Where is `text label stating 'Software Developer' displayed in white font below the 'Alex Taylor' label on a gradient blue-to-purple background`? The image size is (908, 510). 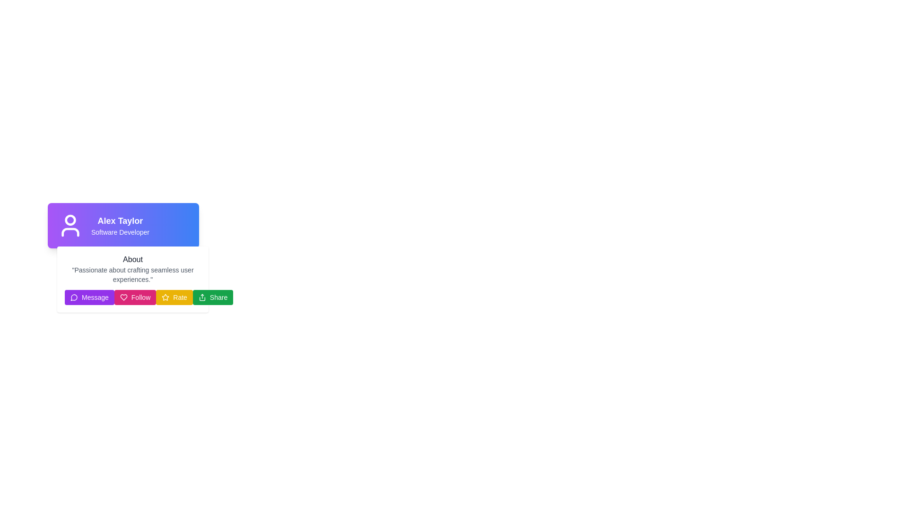 text label stating 'Software Developer' displayed in white font below the 'Alex Taylor' label on a gradient blue-to-purple background is located at coordinates (120, 232).